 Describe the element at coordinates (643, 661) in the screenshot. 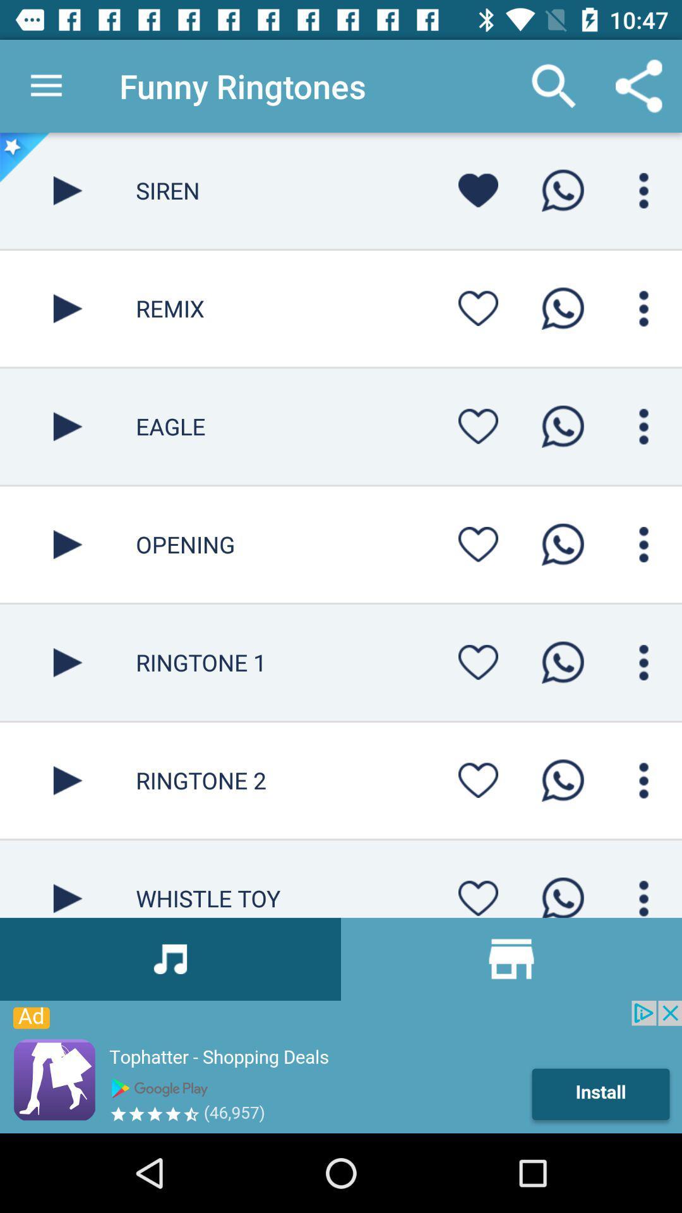

I see `search` at that location.